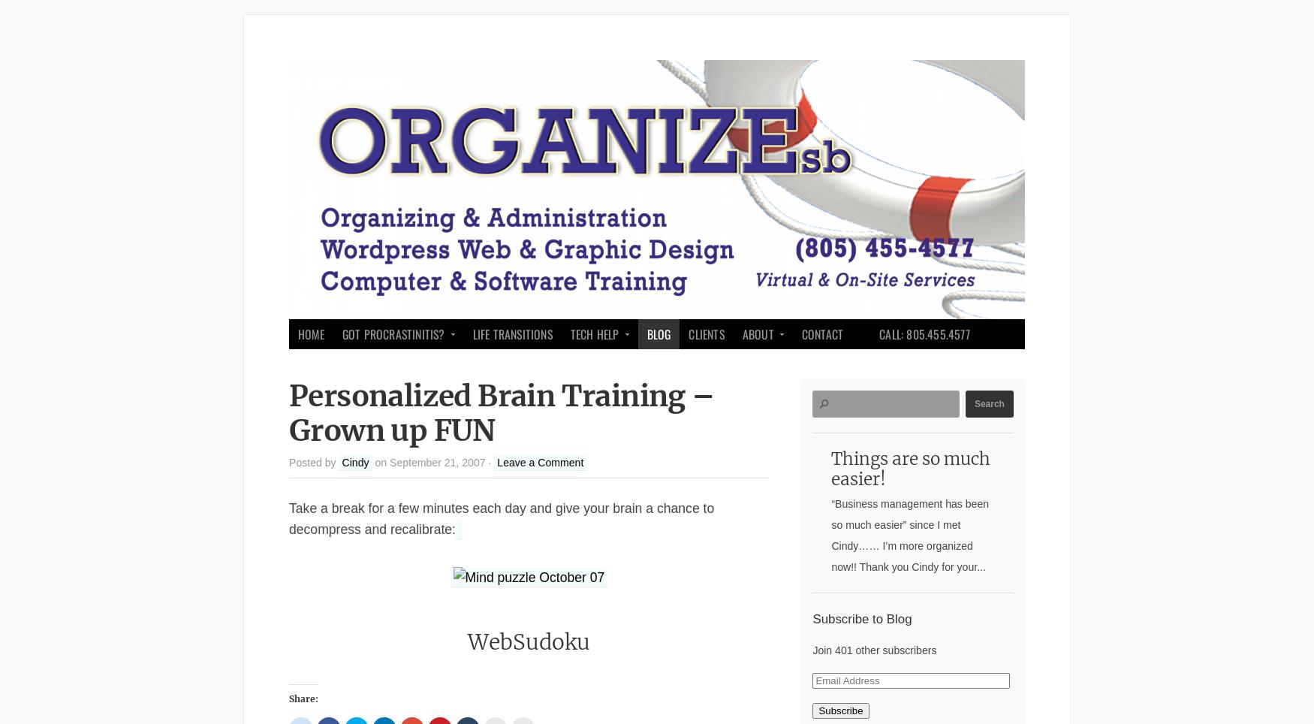  I want to click on 'Contact', so click(821, 333).